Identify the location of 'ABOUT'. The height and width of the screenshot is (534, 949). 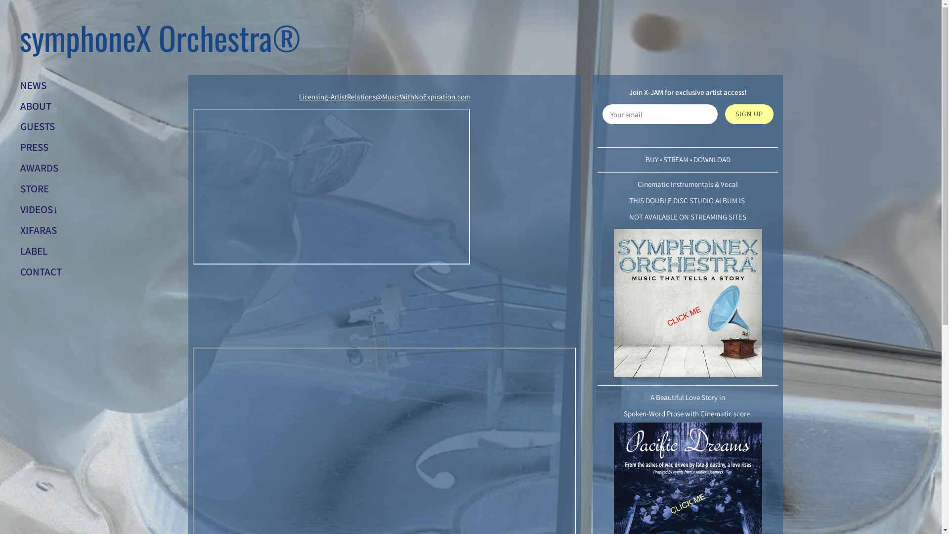
(36, 106).